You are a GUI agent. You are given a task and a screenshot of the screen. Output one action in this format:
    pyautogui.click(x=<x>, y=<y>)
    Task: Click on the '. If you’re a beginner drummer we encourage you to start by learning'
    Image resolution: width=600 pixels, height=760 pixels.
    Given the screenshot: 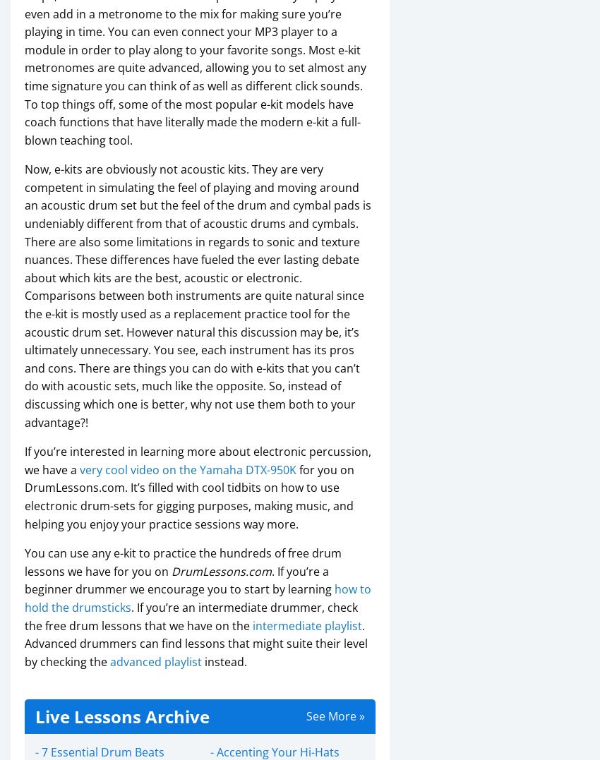 What is the action you would take?
    pyautogui.click(x=179, y=579)
    